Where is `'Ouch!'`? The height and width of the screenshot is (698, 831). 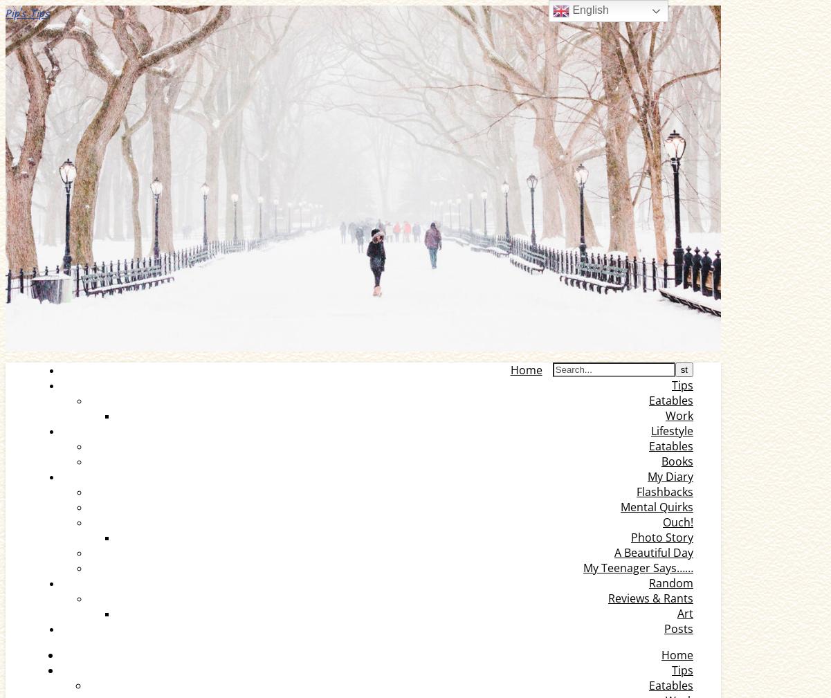
'Ouch!' is located at coordinates (678, 522).